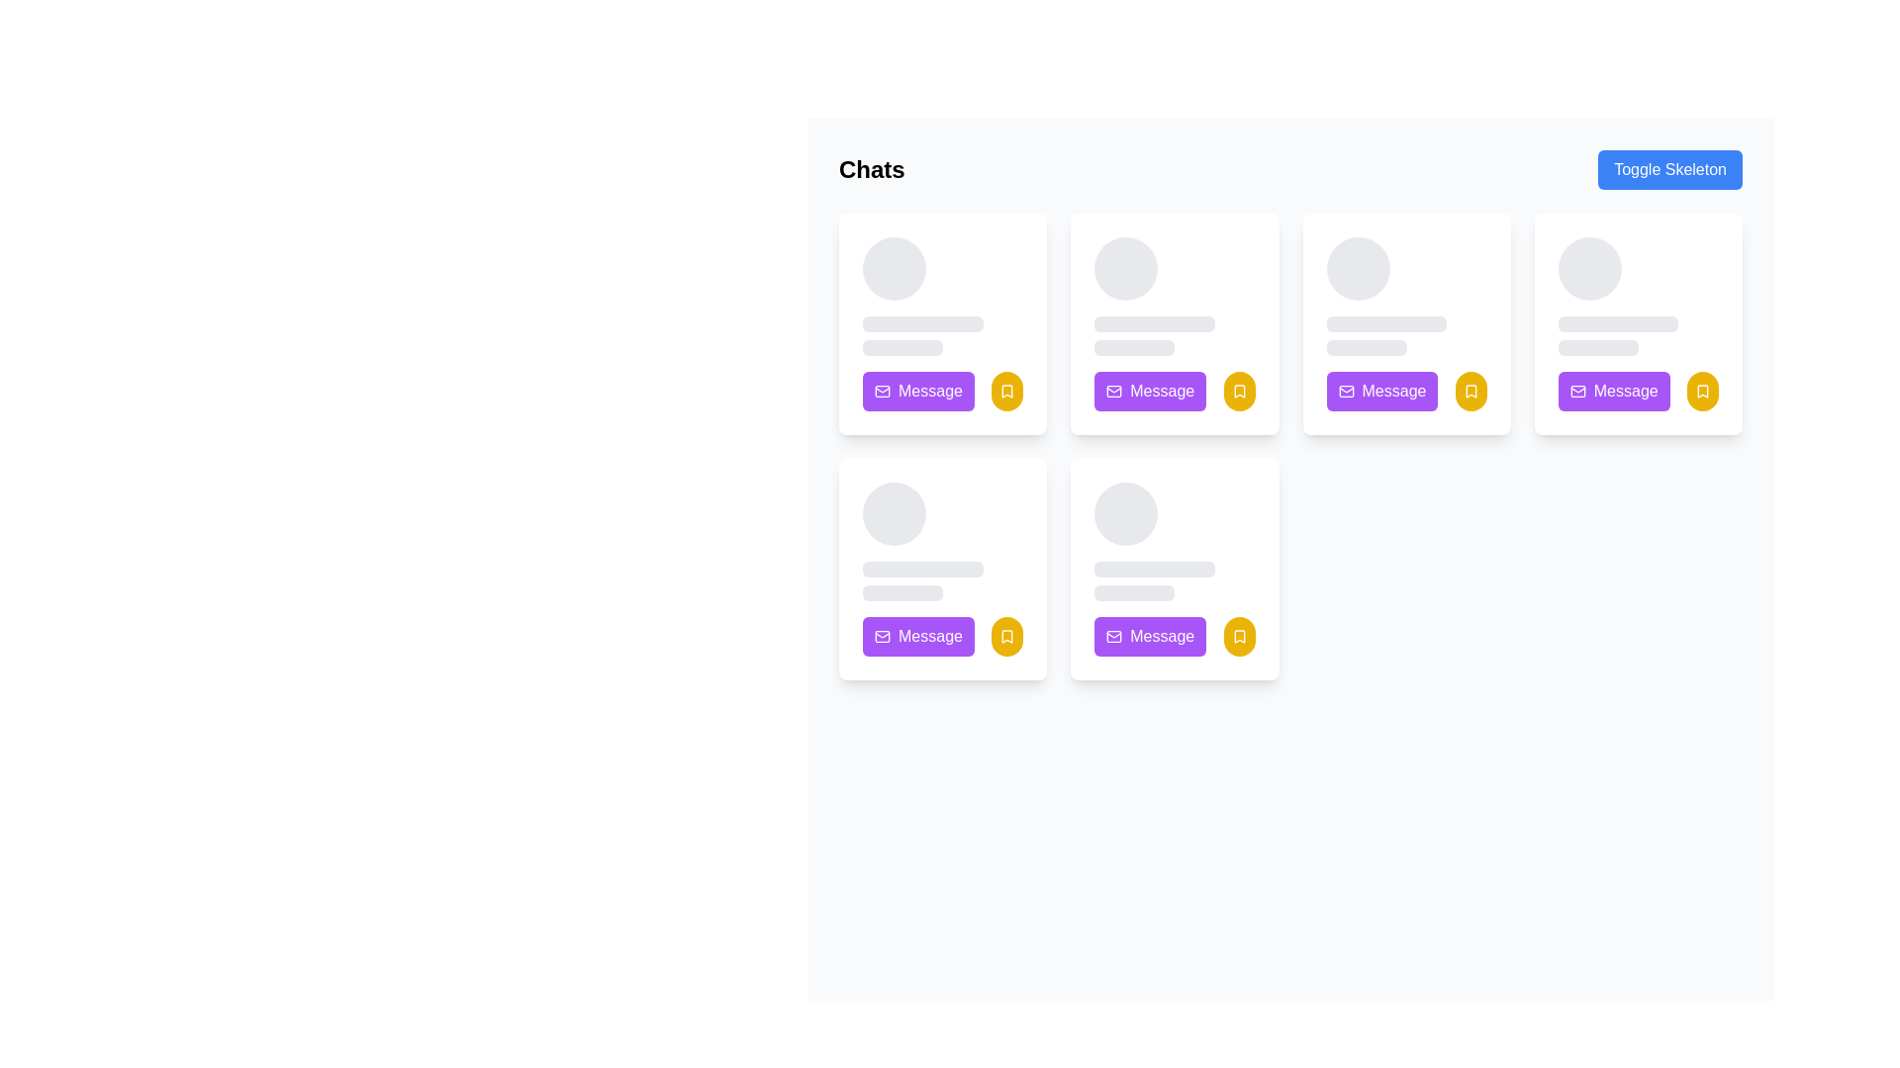  What do you see at coordinates (882, 637) in the screenshot?
I see `the decorative mail icon within the 'Message' button located at the bottom left card in the grid layout, indicating an active or selected state` at bounding box center [882, 637].